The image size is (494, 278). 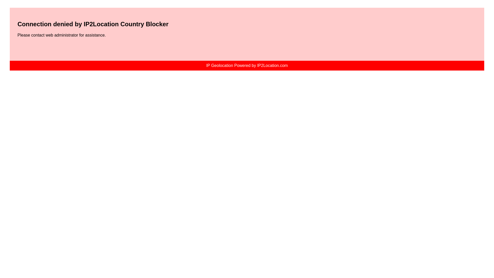 What do you see at coordinates (246, 65) in the screenshot?
I see `'IP Geolocation Powered by IP2Location.com'` at bounding box center [246, 65].